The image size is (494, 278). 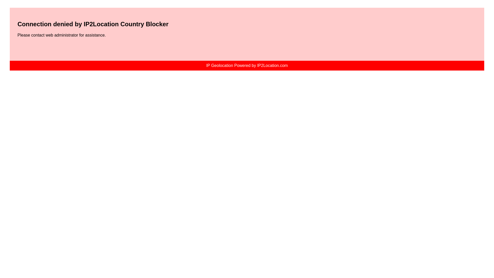 What do you see at coordinates (246, 65) in the screenshot?
I see `'IP Geolocation Powered by IP2Location.com'` at bounding box center [246, 65].